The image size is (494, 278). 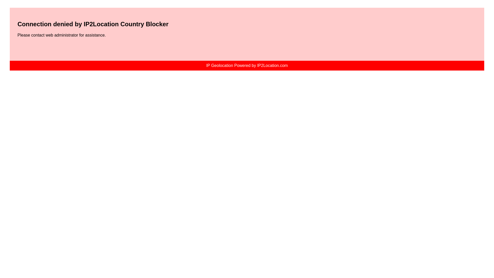 What do you see at coordinates (246, 65) in the screenshot?
I see `'IP Geolocation Powered by IP2Location.com'` at bounding box center [246, 65].